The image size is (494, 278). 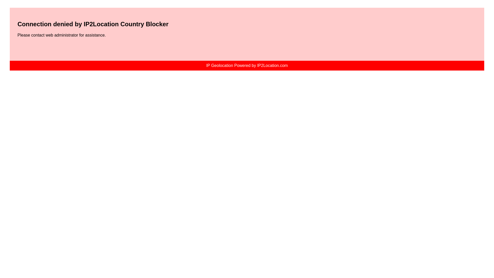 What do you see at coordinates (246, 65) in the screenshot?
I see `'IP Geolocation Powered by IP2Location.com'` at bounding box center [246, 65].